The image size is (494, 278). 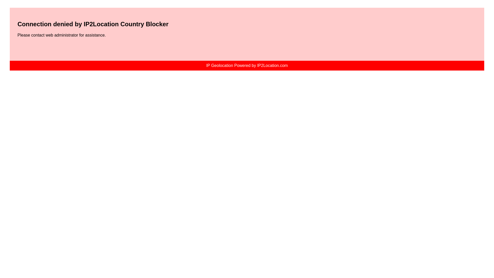 What do you see at coordinates (246, 65) in the screenshot?
I see `'IP Geolocation Powered by IP2Location.com'` at bounding box center [246, 65].